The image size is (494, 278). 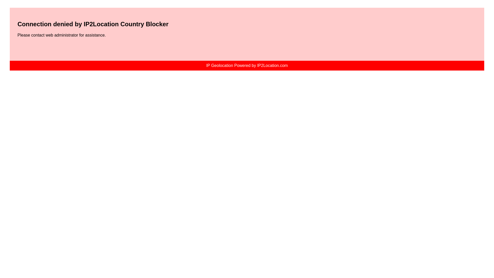 What do you see at coordinates (246, 65) in the screenshot?
I see `'IP Geolocation Powered by IP2Location.com'` at bounding box center [246, 65].